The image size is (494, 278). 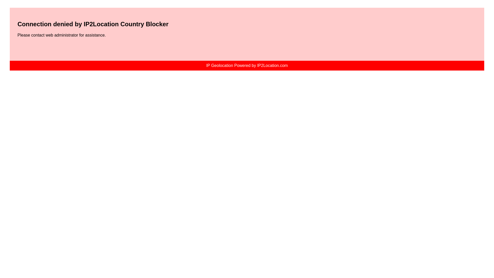 What do you see at coordinates (246, 65) in the screenshot?
I see `'IP Geolocation Powered by IP2Location.com'` at bounding box center [246, 65].